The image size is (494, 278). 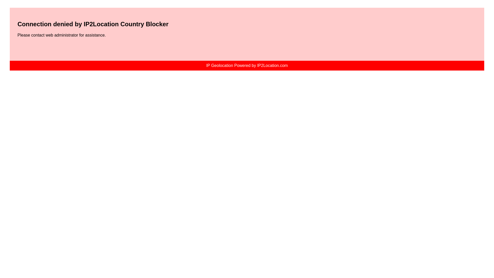 What do you see at coordinates (246, 65) in the screenshot?
I see `'IP Geolocation Powered by IP2Location.com'` at bounding box center [246, 65].